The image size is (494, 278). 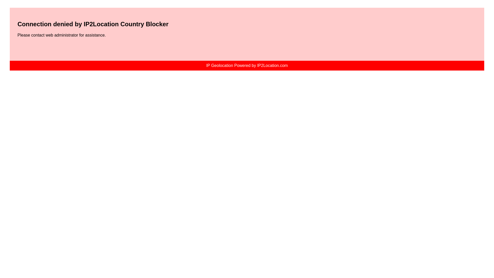 What do you see at coordinates (246, 65) in the screenshot?
I see `'IP Geolocation Powered by IP2Location.com'` at bounding box center [246, 65].